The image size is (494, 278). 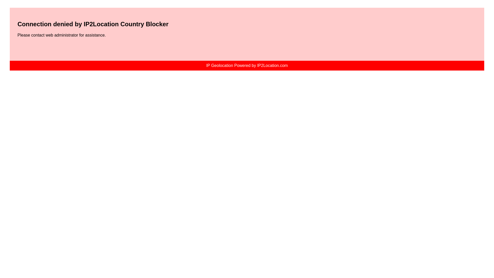 What do you see at coordinates (246, 65) in the screenshot?
I see `'IP Geolocation Powered by IP2Location.com'` at bounding box center [246, 65].